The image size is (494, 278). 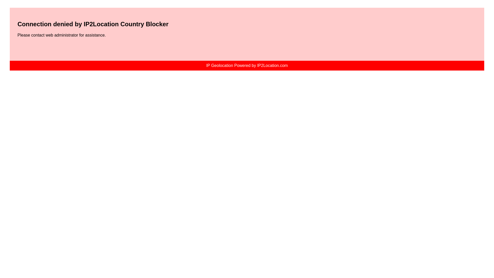 What do you see at coordinates (246, 65) in the screenshot?
I see `'IP Geolocation Powered by IP2Location.com'` at bounding box center [246, 65].